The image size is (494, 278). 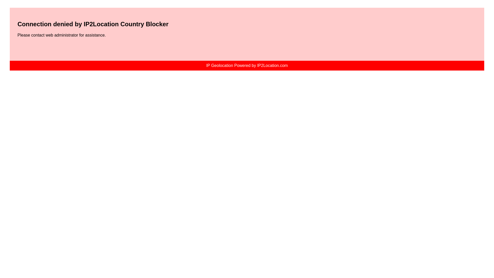 What do you see at coordinates (246, 65) in the screenshot?
I see `'IP Geolocation Powered by IP2Location.com'` at bounding box center [246, 65].